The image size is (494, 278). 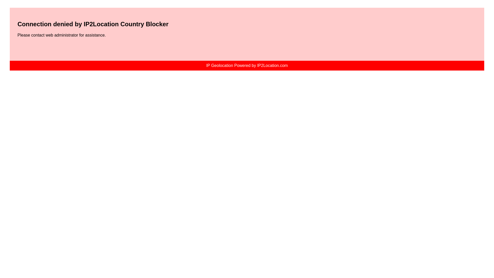 What do you see at coordinates (246, 65) in the screenshot?
I see `'IP Geolocation Powered by IP2Location.com'` at bounding box center [246, 65].